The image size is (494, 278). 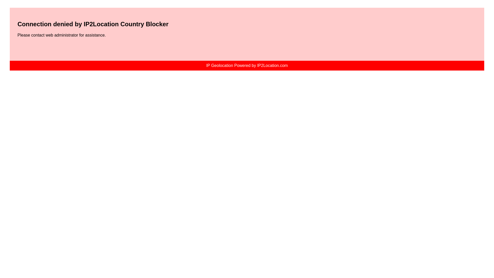 What do you see at coordinates (246, 65) in the screenshot?
I see `'IP Geolocation Powered by IP2Location.com'` at bounding box center [246, 65].